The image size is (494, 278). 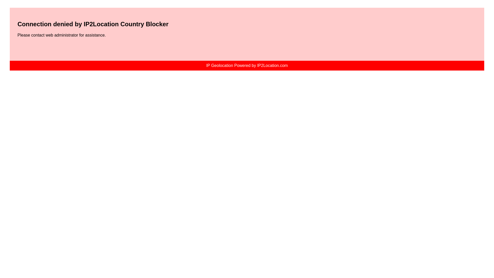 What do you see at coordinates (246, 65) in the screenshot?
I see `'IP Geolocation Powered by IP2Location.com'` at bounding box center [246, 65].